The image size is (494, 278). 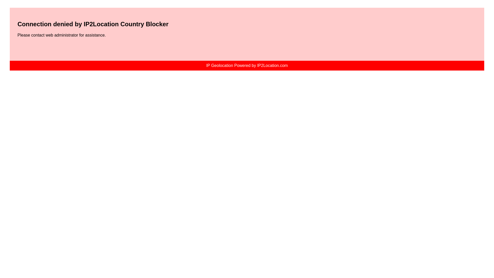 What do you see at coordinates (246, 65) in the screenshot?
I see `'IP Geolocation Powered by IP2Location.com'` at bounding box center [246, 65].